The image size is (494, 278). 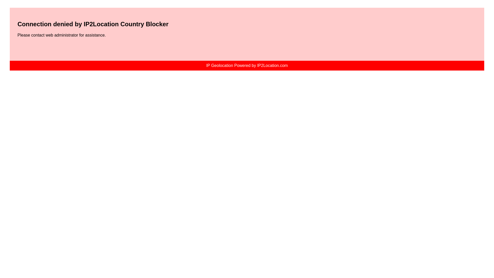 What do you see at coordinates (246, 65) in the screenshot?
I see `'IP Geolocation Powered by IP2Location.com'` at bounding box center [246, 65].